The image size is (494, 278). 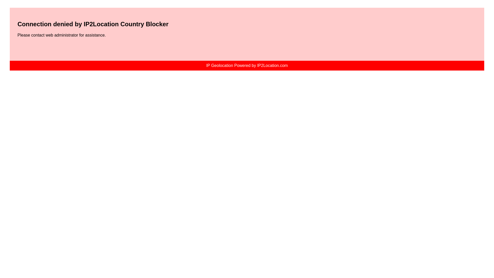 What do you see at coordinates (246, 65) in the screenshot?
I see `'IP Geolocation Powered by IP2Location.com'` at bounding box center [246, 65].